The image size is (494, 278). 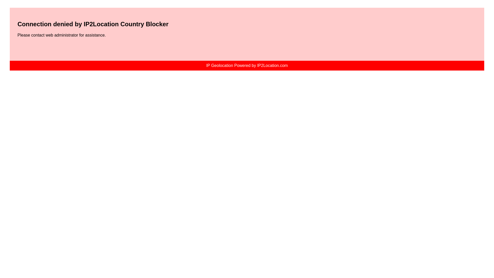 What do you see at coordinates (246, 65) in the screenshot?
I see `'IP Geolocation Powered by IP2Location.com'` at bounding box center [246, 65].